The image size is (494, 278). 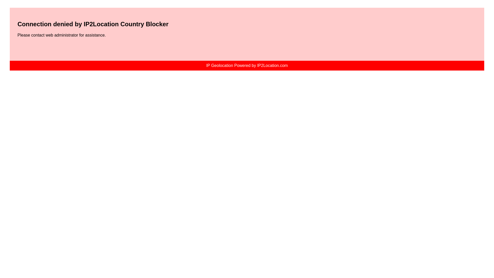 What do you see at coordinates (246, 65) in the screenshot?
I see `'IP Geolocation Powered by IP2Location.com'` at bounding box center [246, 65].